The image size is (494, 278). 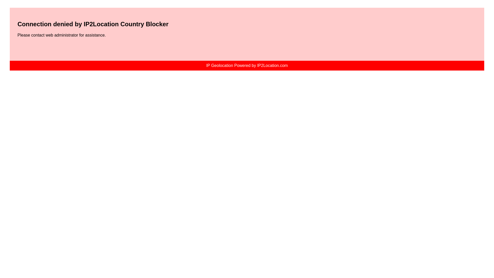 What do you see at coordinates (246, 65) in the screenshot?
I see `'IP Geolocation Powered by IP2Location.com'` at bounding box center [246, 65].